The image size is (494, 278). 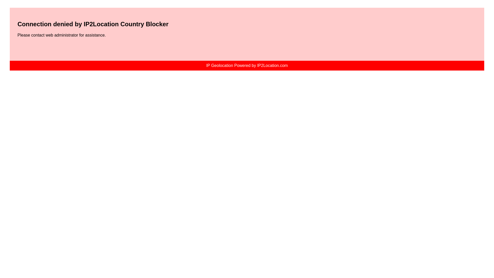 What do you see at coordinates (246, 65) in the screenshot?
I see `'IP Geolocation Powered by IP2Location.com'` at bounding box center [246, 65].